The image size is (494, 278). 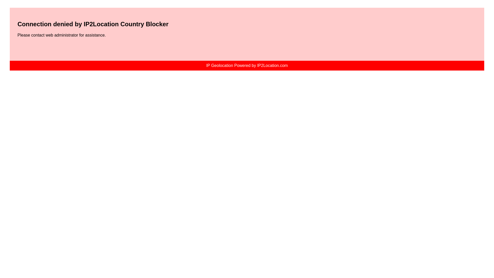 What do you see at coordinates (246, 65) in the screenshot?
I see `'IP Geolocation Powered by IP2Location.com'` at bounding box center [246, 65].